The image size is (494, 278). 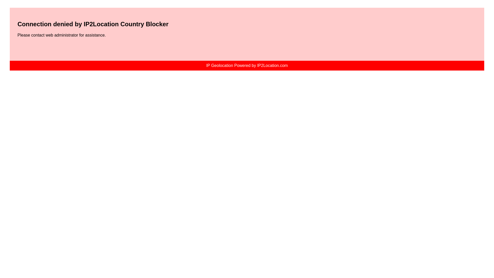 What do you see at coordinates (246, 65) in the screenshot?
I see `'IP Geolocation Powered by IP2Location.com'` at bounding box center [246, 65].